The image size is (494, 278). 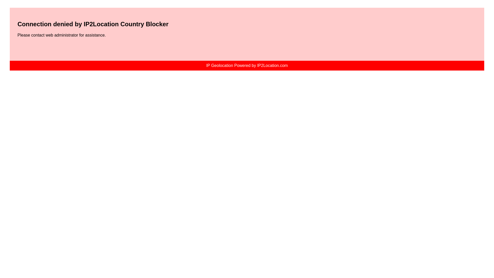 What do you see at coordinates (246, 65) in the screenshot?
I see `'IP Geolocation Powered by IP2Location.com'` at bounding box center [246, 65].